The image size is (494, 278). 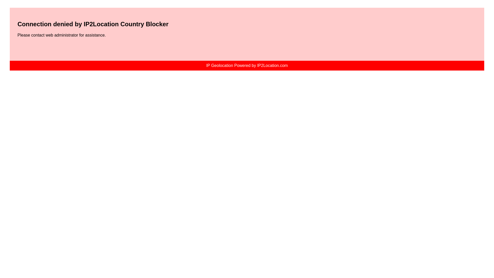 What do you see at coordinates (246, 65) in the screenshot?
I see `'IP Geolocation Powered by IP2Location.com'` at bounding box center [246, 65].